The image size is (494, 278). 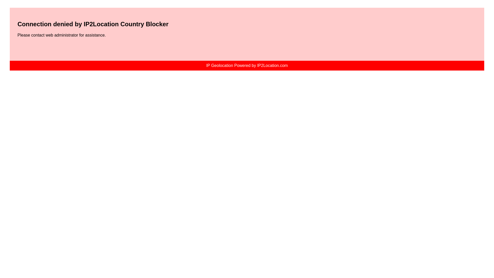 What do you see at coordinates (246, 65) in the screenshot?
I see `'IP Geolocation Powered by IP2Location.com'` at bounding box center [246, 65].